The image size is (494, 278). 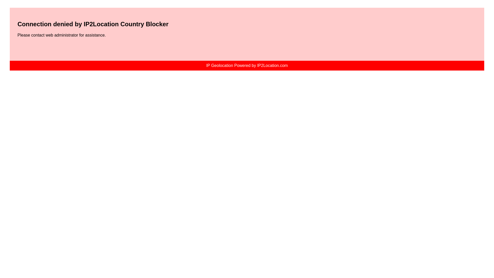 What do you see at coordinates (246, 65) in the screenshot?
I see `'IP Geolocation Powered by IP2Location.com'` at bounding box center [246, 65].